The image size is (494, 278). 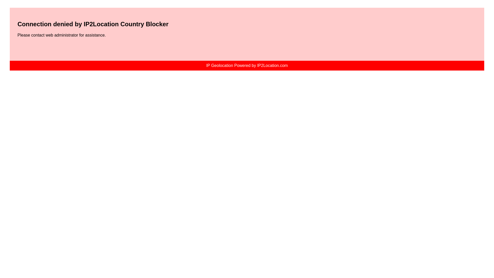 What do you see at coordinates (246, 65) in the screenshot?
I see `'IP Geolocation Powered by IP2Location.com'` at bounding box center [246, 65].